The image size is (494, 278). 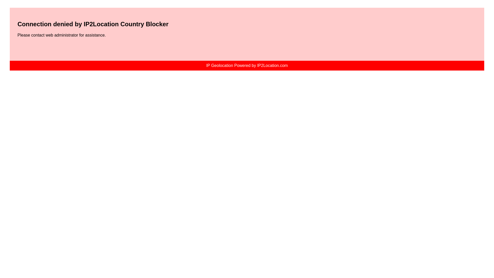 What do you see at coordinates (246, 65) in the screenshot?
I see `'IP Geolocation Powered by IP2Location.com'` at bounding box center [246, 65].